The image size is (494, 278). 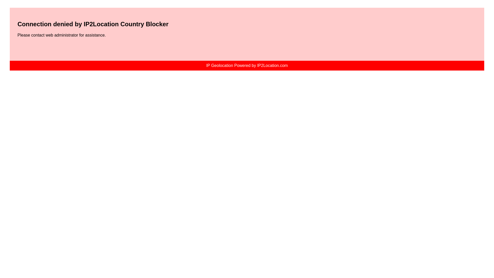 What do you see at coordinates (246, 65) in the screenshot?
I see `'IP Geolocation Powered by IP2Location.com'` at bounding box center [246, 65].